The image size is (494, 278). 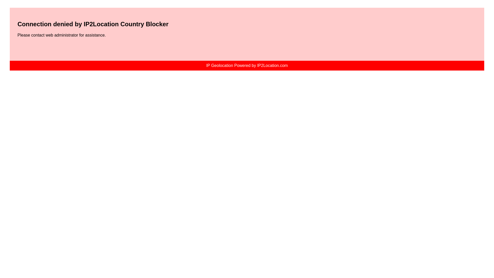 What do you see at coordinates (246, 65) in the screenshot?
I see `'IP Geolocation Powered by IP2Location.com'` at bounding box center [246, 65].